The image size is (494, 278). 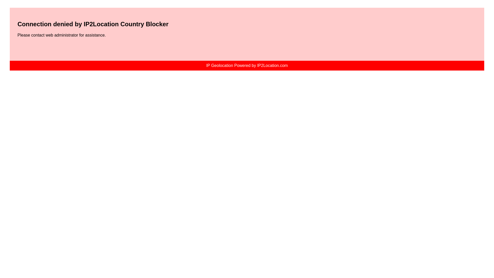 What do you see at coordinates (246, 65) in the screenshot?
I see `'IP Geolocation Powered by IP2Location.com'` at bounding box center [246, 65].